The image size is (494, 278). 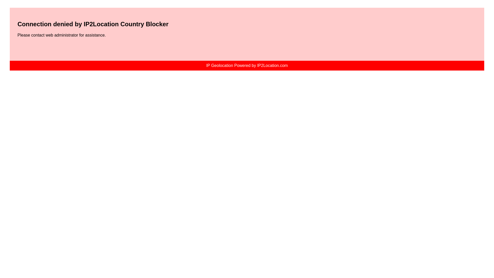 What do you see at coordinates (246, 65) in the screenshot?
I see `'IP Geolocation Powered by IP2Location.com'` at bounding box center [246, 65].